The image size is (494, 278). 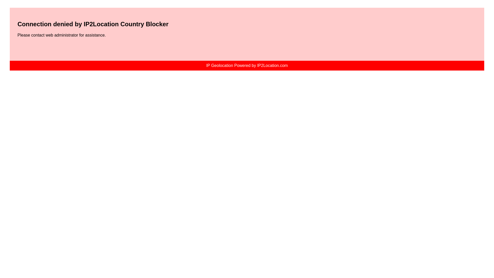 What do you see at coordinates (246, 65) in the screenshot?
I see `'IP Geolocation Powered by IP2Location.com'` at bounding box center [246, 65].